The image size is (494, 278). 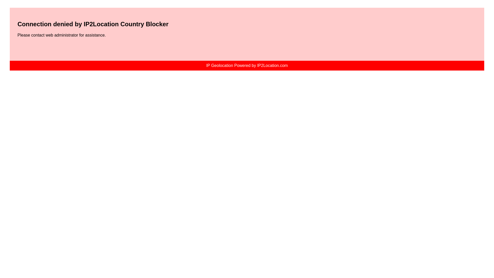 What do you see at coordinates (246, 65) in the screenshot?
I see `'IP Geolocation Powered by IP2Location.com'` at bounding box center [246, 65].